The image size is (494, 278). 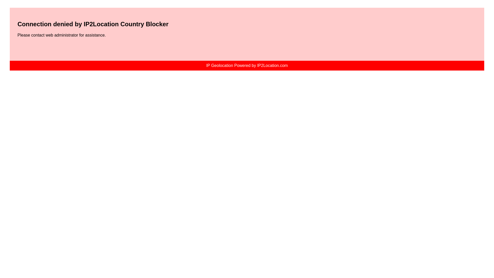 What do you see at coordinates (246, 65) in the screenshot?
I see `'IP Geolocation Powered by IP2Location.com'` at bounding box center [246, 65].